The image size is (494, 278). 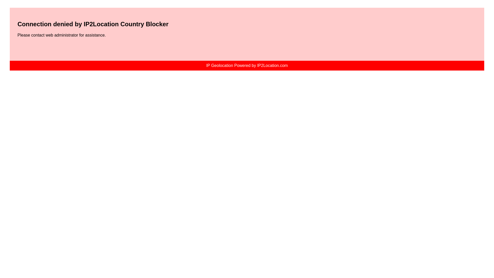 What do you see at coordinates (246, 65) in the screenshot?
I see `'IP Geolocation Powered by IP2Location.com'` at bounding box center [246, 65].